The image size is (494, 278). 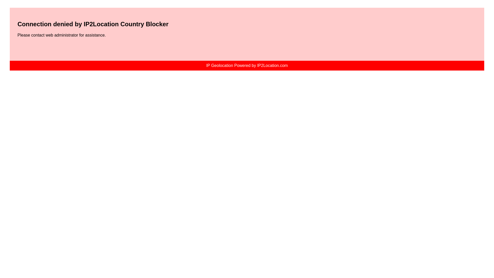 What do you see at coordinates (246, 65) in the screenshot?
I see `'IP Geolocation Powered by IP2Location.com'` at bounding box center [246, 65].